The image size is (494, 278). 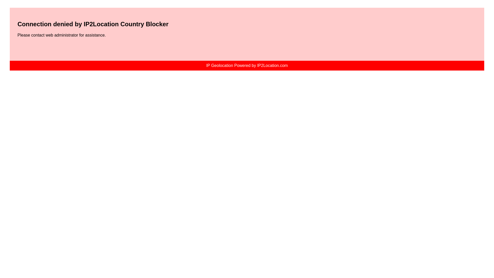 What do you see at coordinates (246, 65) in the screenshot?
I see `'IP Geolocation Powered by IP2Location.com'` at bounding box center [246, 65].